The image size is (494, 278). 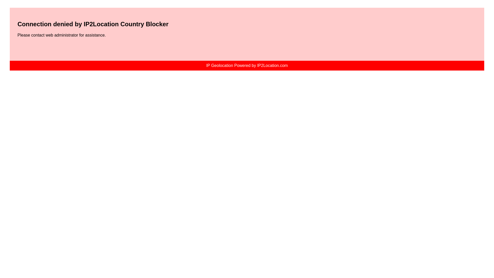 What do you see at coordinates (246, 65) in the screenshot?
I see `'IP Geolocation Powered by IP2Location.com'` at bounding box center [246, 65].